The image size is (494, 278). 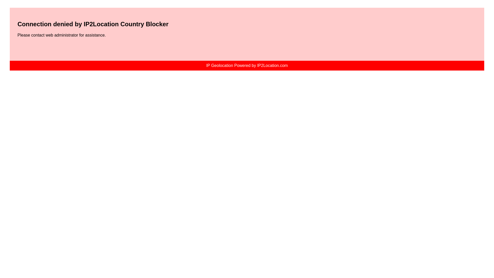 What do you see at coordinates (246, 65) in the screenshot?
I see `'IP Geolocation Powered by IP2Location.com'` at bounding box center [246, 65].